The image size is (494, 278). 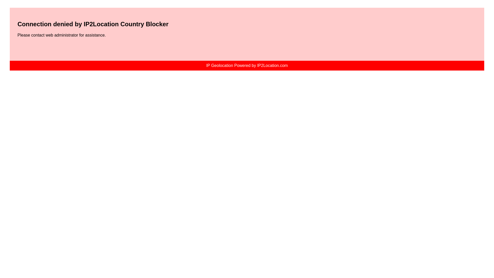 What do you see at coordinates (246, 65) in the screenshot?
I see `'IP Geolocation Powered by IP2Location.com'` at bounding box center [246, 65].